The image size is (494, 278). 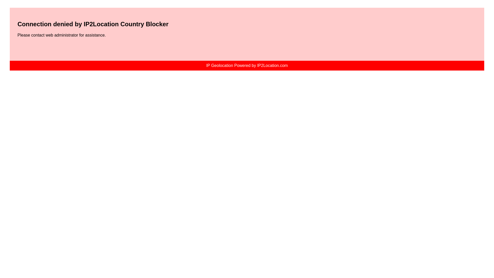 What do you see at coordinates (246, 65) in the screenshot?
I see `'IP Geolocation Powered by IP2Location.com'` at bounding box center [246, 65].